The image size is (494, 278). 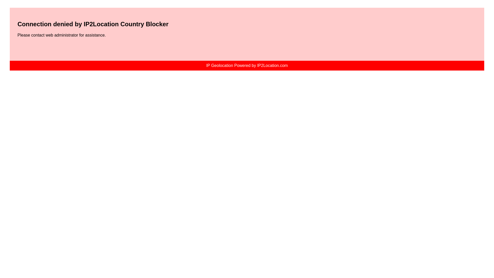 What do you see at coordinates (246, 65) in the screenshot?
I see `'IP Geolocation Powered by IP2Location.com'` at bounding box center [246, 65].